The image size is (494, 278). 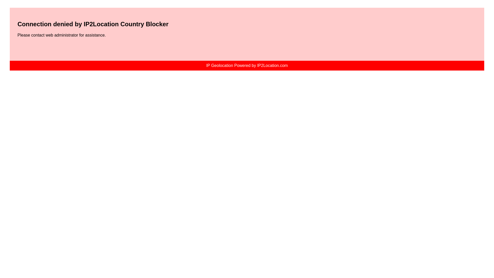 What do you see at coordinates (246, 65) in the screenshot?
I see `'IP Geolocation Powered by IP2Location.com'` at bounding box center [246, 65].